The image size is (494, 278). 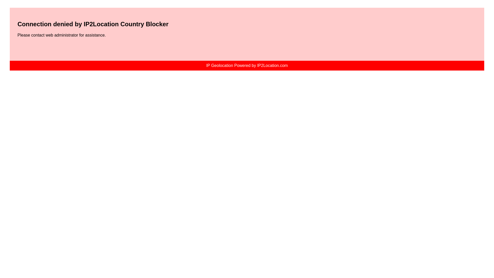 What do you see at coordinates (246, 65) in the screenshot?
I see `'IP Geolocation Powered by IP2Location.com'` at bounding box center [246, 65].